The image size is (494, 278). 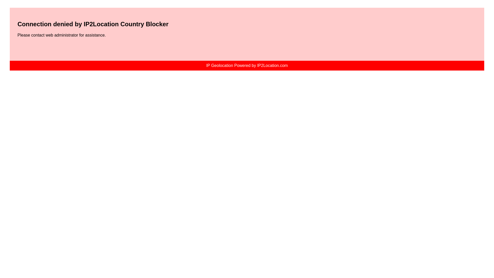 What do you see at coordinates (246, 65) in the screenshot?
I see `'IP Geolocation Powered by IP2Location.com'` at bounding box center [246, 65].